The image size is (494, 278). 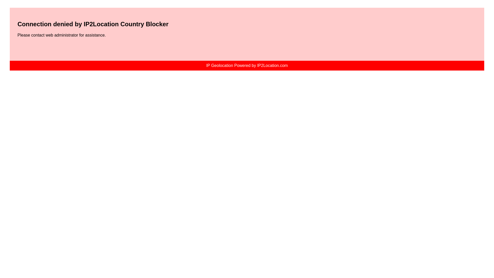 What do you see at coordinates (246, 65) in the screenshot?
I see `'IP Geolocation Powered by IP2Location.com'` at bounding box center [246, 65].